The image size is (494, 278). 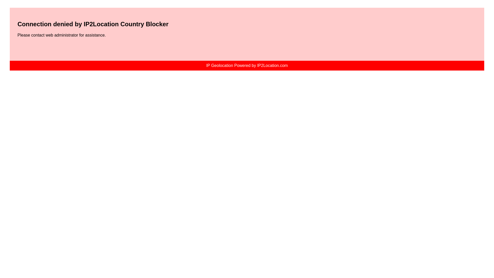 What do you see at coordinates (246, 65) in the screenshot?
I see `'IP Geolocation Powered by IP2Location.com'` at bounding box center [246, 65].